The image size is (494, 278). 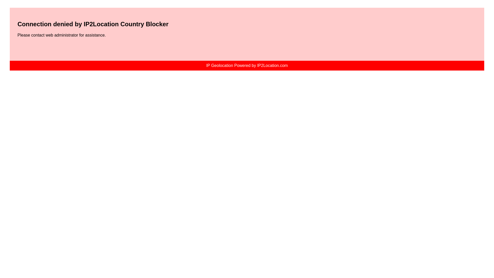 What do you see at coordinates (246, 65) in the screenshot?
I see `'IP Geolocation Powered by IP2Location.com'` at bounding box center [246, 65].